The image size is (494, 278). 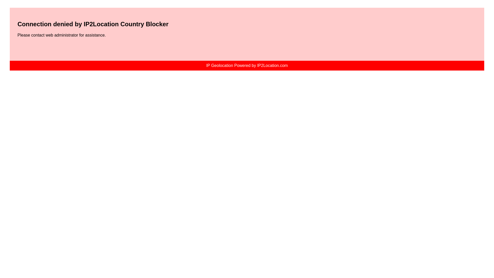 What do you see at coordinates (246, 65) in the screenshot?
I see `'IP Geolocation Powered by IP2Location.com'` at bounding box center [246, 65].